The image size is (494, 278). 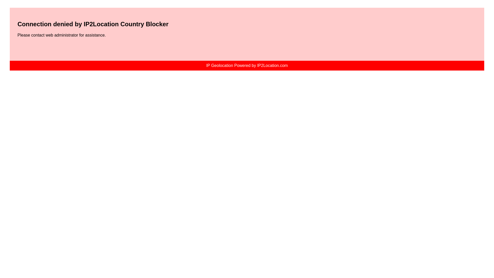 What do you see at coordinates (246, 65) in the screenshot?
I see `'IP Geolocation Powered by IP2Location.com'` at bounding box center [246, 65].